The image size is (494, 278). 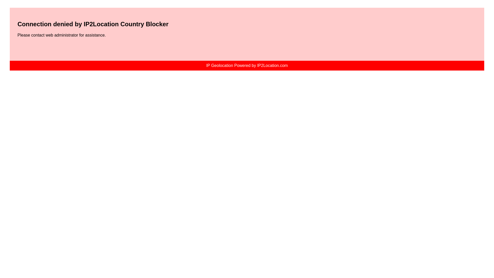 What do you see at coordinates (246, 65) in the screenshot?
I see `'IP Geolocation Powered by IP2Location.com'` at bounding box center [246, 65].